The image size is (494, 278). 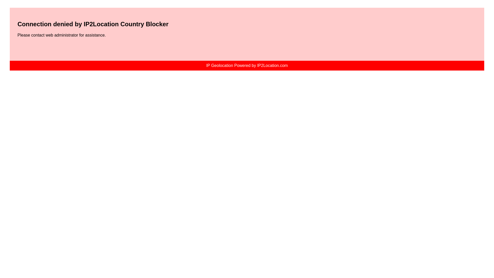 What do you see at coordinates (246, 65) in the screenshot?
I see `'IP Geolocation Powered by IP2Location.com'` at bounding box center [246, 65].